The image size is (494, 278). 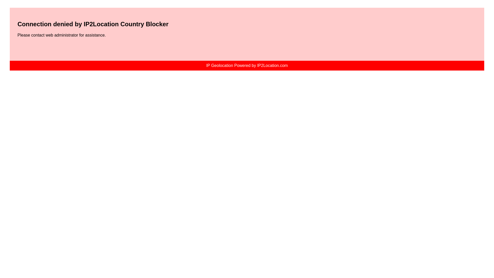 What do you see at coordinates (246, 65) in the screenshot?
I see `'IP Geolocation Powered by IP2Location.com'` at bounding box center [246, 65].